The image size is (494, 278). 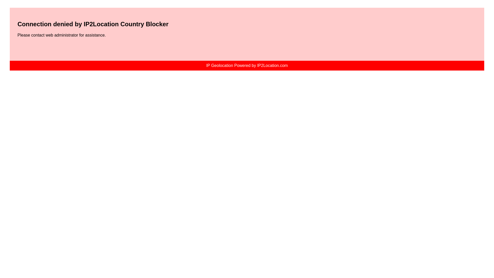 What do you see at coordinates (246, 65) in the screenshot?
I see `'IP Geolocation Powered by IP2Location.com'` at bounding box center [246, 65].